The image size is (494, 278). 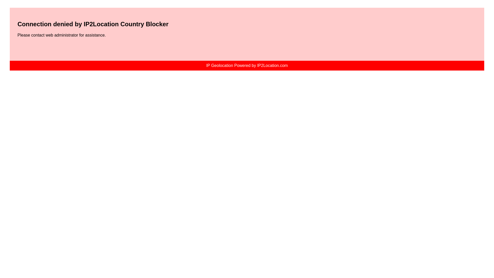 What do you see at coordinates (246, 65) in the screenshot?
I see `'IP Geolocation Powered by IP2Location.com'` at bounding box center [246, 65].